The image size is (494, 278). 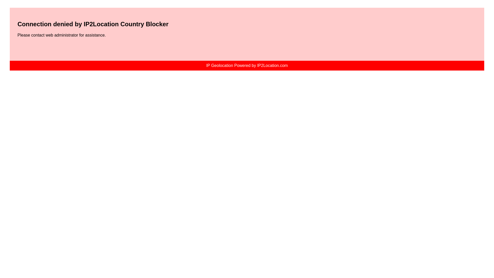 What do you see at coordinates (246, 65) in the screenshot?
I see `'IP Geolocation Powered by IP2Location.com'` at bounding box center [246, 65].